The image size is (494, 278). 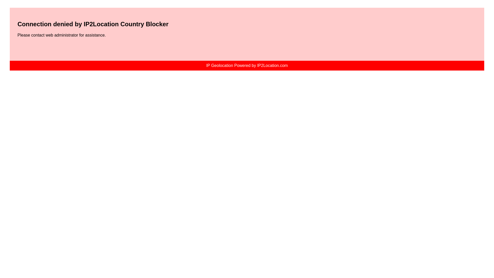 What do you see at coordinates (246, 65) in the screenshot?
I see `'IP Geolocation Powered by IP2Location.com'` at bounding box center [246, 65].